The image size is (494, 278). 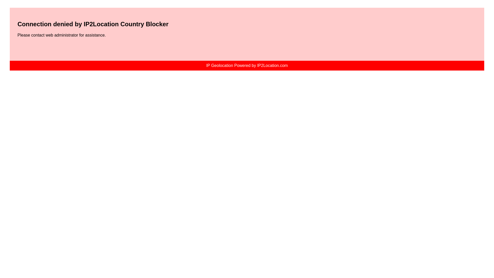 What do you see at coordinates (246, 65) in the screenshot?
I see `'IP Geolocation Powered by IP2Location.com'` at bounding box center [246, 65].